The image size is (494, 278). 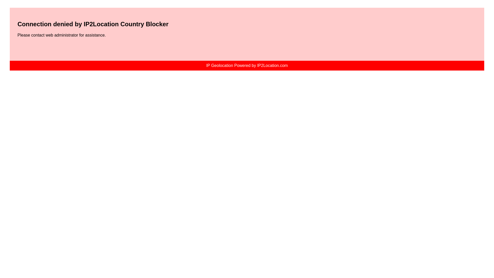 What do you see at coordinates (246, 65) in the screenshot?
I see `'IP Geolocation Powered by IP2Location.com'` at bounding box center [246, 65].